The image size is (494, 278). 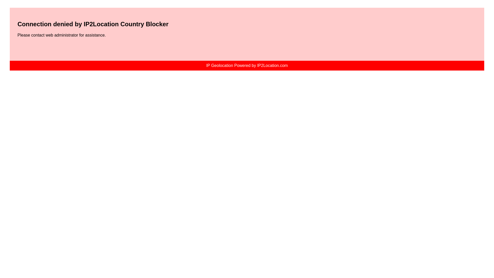 What do you see at coordinates (246, 65) in the screenshot?
I see `'IP Geolocation Powered by IP2Location.com'` at bounding box center [246, 65].